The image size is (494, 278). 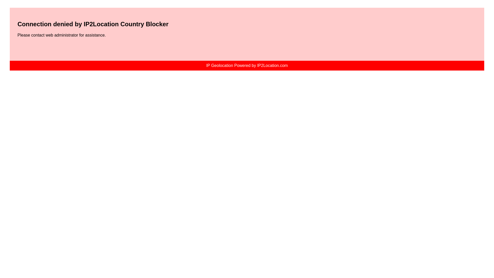 What do you see at coordinates (246, 65) in the screenshot?
I see `'IP Geolocation Powered by IP2Location.com'` at bounding box center [246, 65].